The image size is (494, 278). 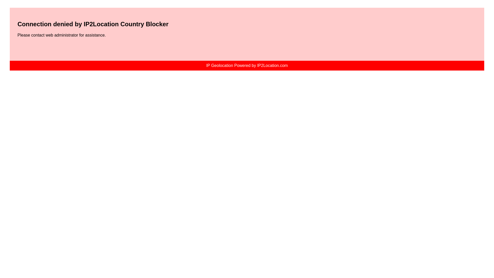 What do you see at coordinates (246, 65) in the screenshot?
I see `'IP Geolocation Powered by IP2Location.com'` at bounding box center [246, 65].